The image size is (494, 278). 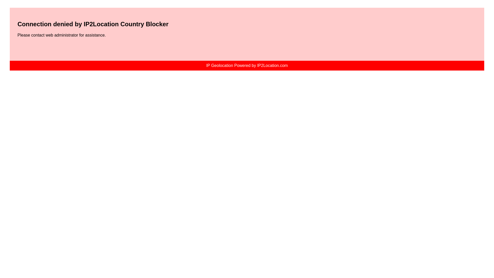 What do you see at coordinates (246, 65) in the screenshot?
I see `'IP Geolocation Powered by IP2Location.com'` at bounding box center [246, 65].